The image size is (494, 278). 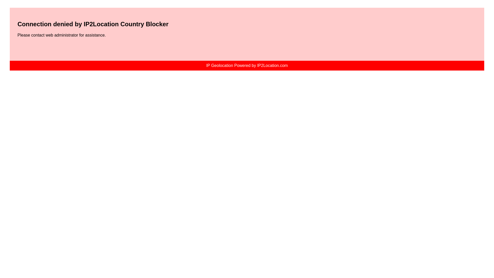 What do you see at coordinates (246, 65) in the screenshot?
I see `'IP Geolocation Powered by IP2Location.com'` at bounding box center [246, 65].